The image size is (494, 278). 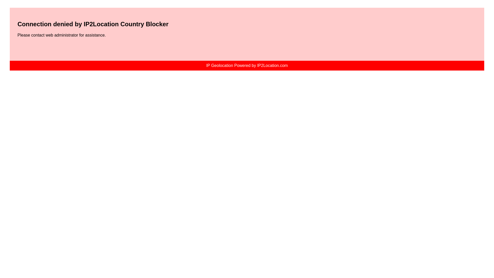 What do you see at coordinates (246, 65) in the screenshot?
I see `'IP Geolocation Powered by IP2Location.com'` at bounding box center [246, 65].